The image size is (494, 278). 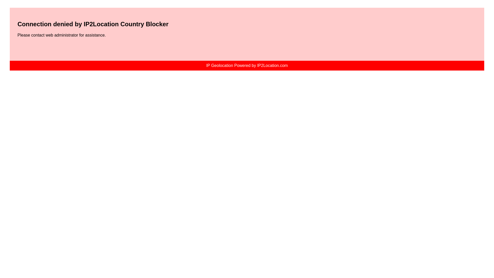 What do you see at coordinates (246, 65) in the screenshot?
I see `'IP Geolocation Powered by IP2Location.com'` at bounding box center [246, 65].